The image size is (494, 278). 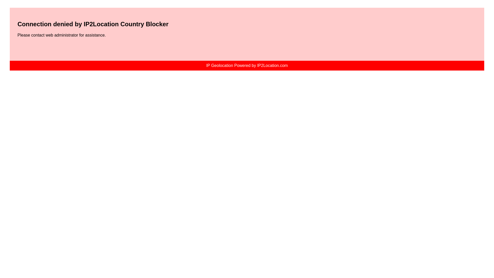 What do you see at coordinates (246, 65) in the screenshot?
I see `'IP Geolocation Powered by IP2Location.com'` at bounding box center [246, 65].